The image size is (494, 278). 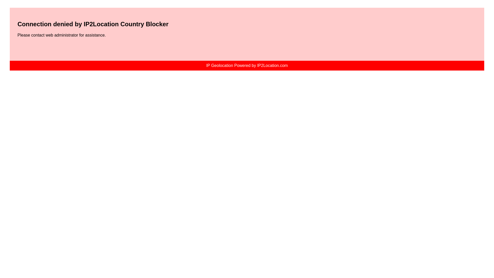 What do you see at coordinates (246, 65) in the screenshot?
I see `'IP Geolocation Powered by IP2Location.com'` at bounding box center [246, 65].